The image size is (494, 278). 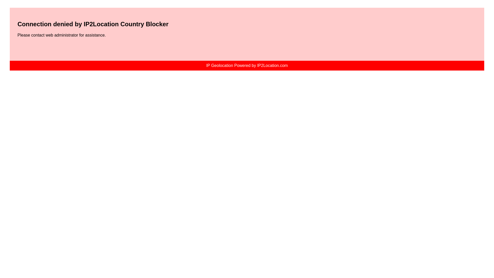 What do you see at coordinates (246, 65) in the screenshot?
I see `'IP Geolocation Powered by IP2Location.com'` at bounding box center [246, 65].